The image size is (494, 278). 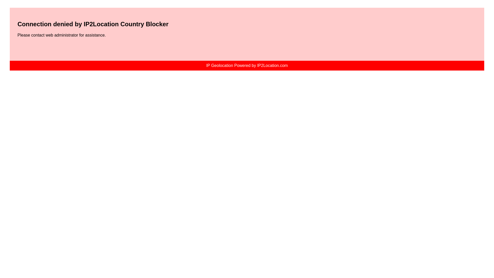 What do you see at coordinates (246, 65) in the screenshot?
I see `'IP Geolocation Powered by IP2Location.com'` at bounding box center [246, 65].